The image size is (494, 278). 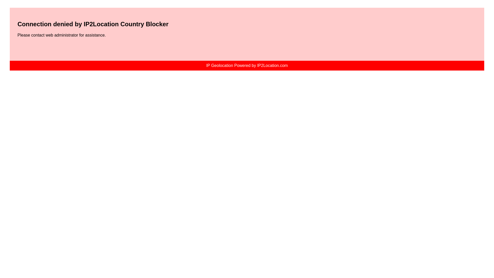 What do you see at coordinates (246, 65) in the screenshot?
I see `'IP Geolocation Powered by IP2Location.com'` at bounding box center [246, 65].